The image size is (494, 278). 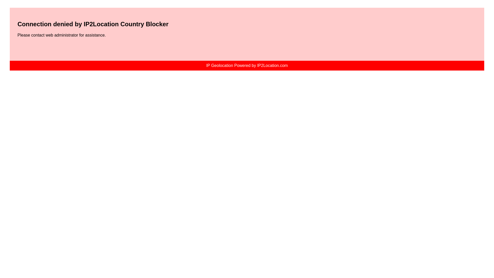 What do you see at coordinates (246, 65) in the screenshot?
I see `'IP Geolocation Powered by IP2Location.com'` at bounding box center [246, 65].